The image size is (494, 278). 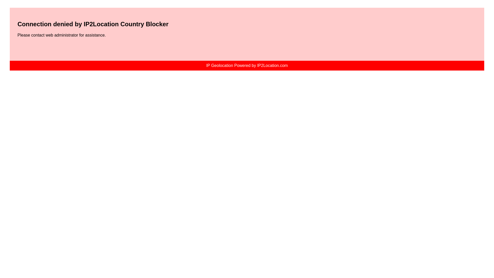 What do you see at coordinates (246, 65) in the screenshot?
I see `'IP Geolocation Powered by IP2Location.com'` at bounding box center [246, 65].